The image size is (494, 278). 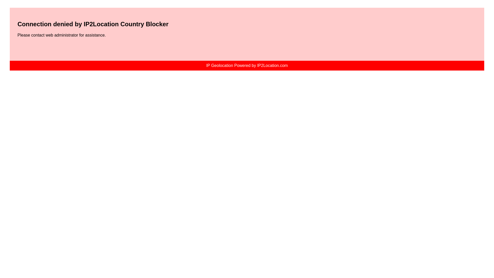 What do you see at coordinates (246, 65) in the screenshot?
I see `'IP Geolocation Powered by IP2Location.com'` at bounding box center [246, 65].